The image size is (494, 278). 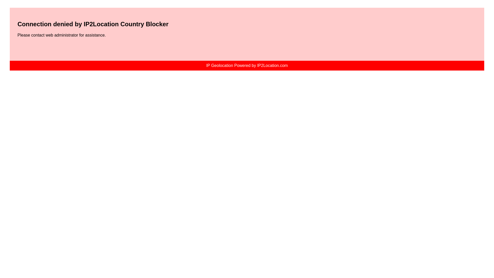 What do you see at coordinates (246, 65) in the screenshot?
I see `'IP Geolocation Powered by IP2Location.com'` at bounding box center [246, 65].